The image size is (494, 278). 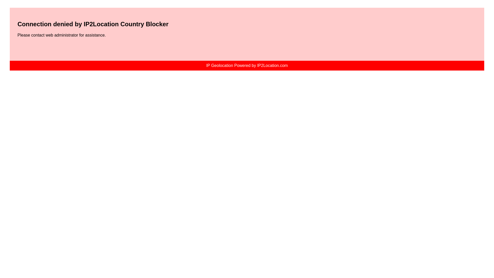 What do you see at coordinates (246, 65) in the screenshot?
I see `'IP Geolocation Powered by IP2Location.com'` at bounding box center [246, 65].